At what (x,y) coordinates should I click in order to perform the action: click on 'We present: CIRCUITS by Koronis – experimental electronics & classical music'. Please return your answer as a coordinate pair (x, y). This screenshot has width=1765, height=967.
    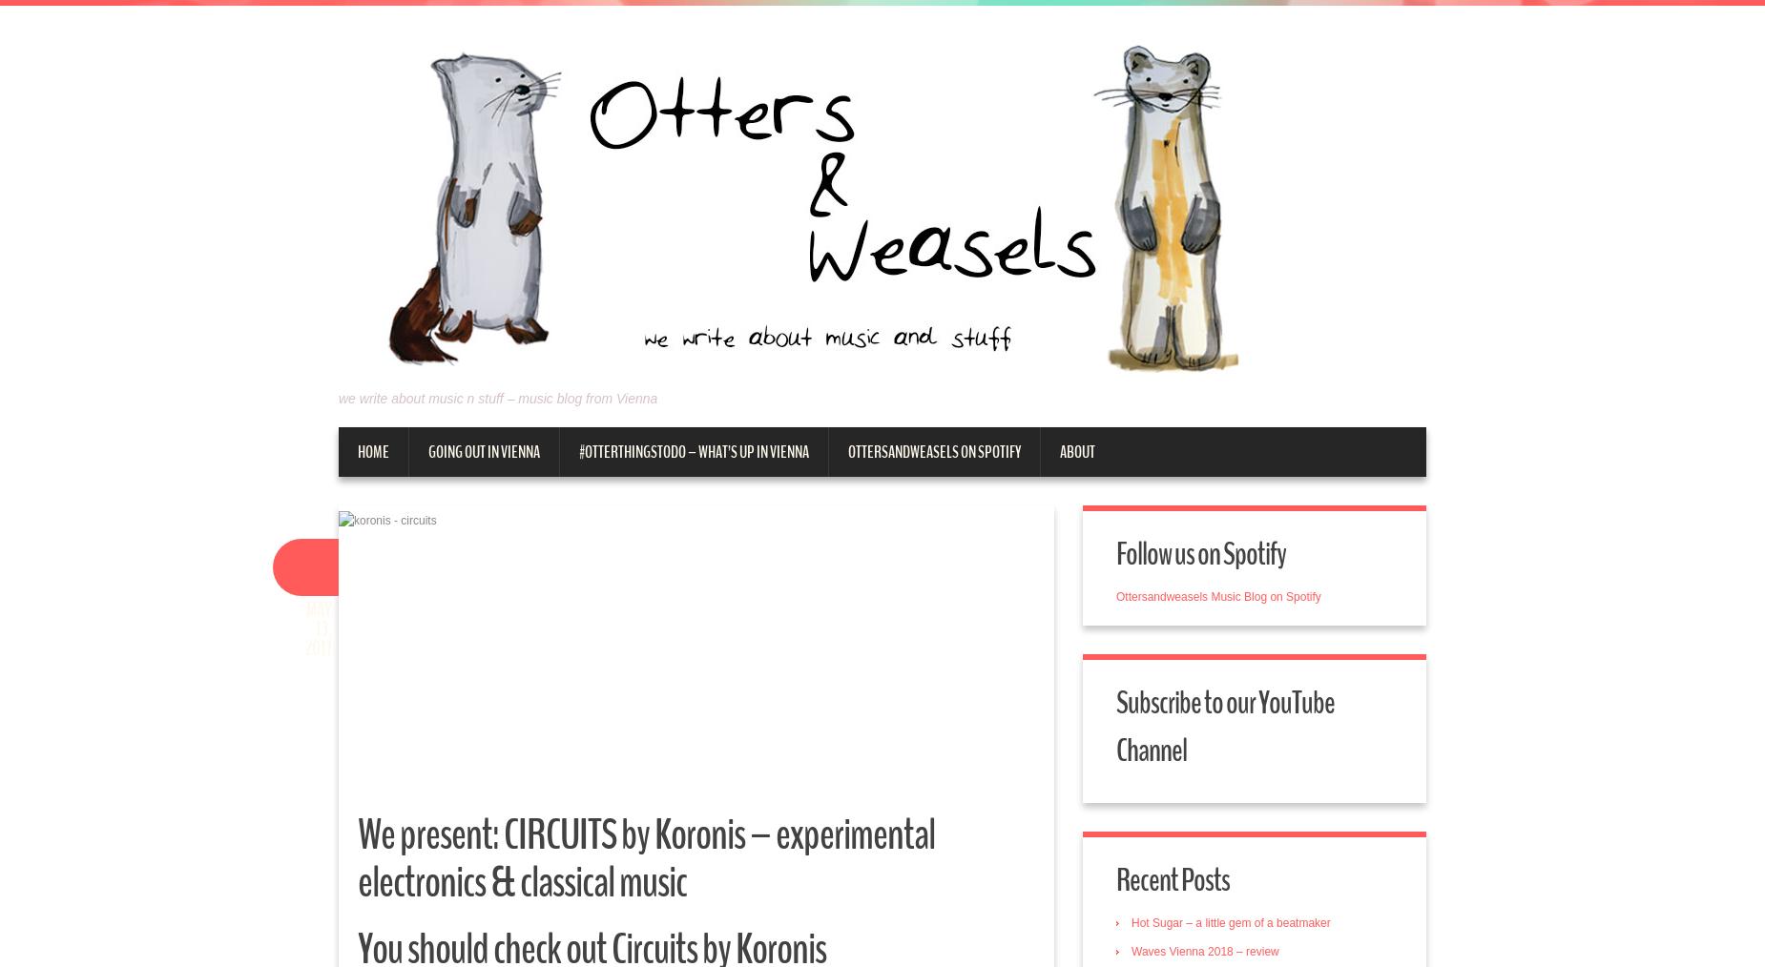
    Looking at the image, I should click on (646, 857).